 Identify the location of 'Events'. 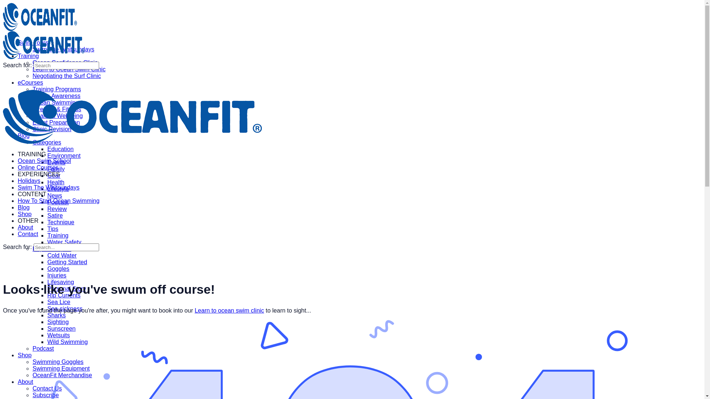
(47, 162).